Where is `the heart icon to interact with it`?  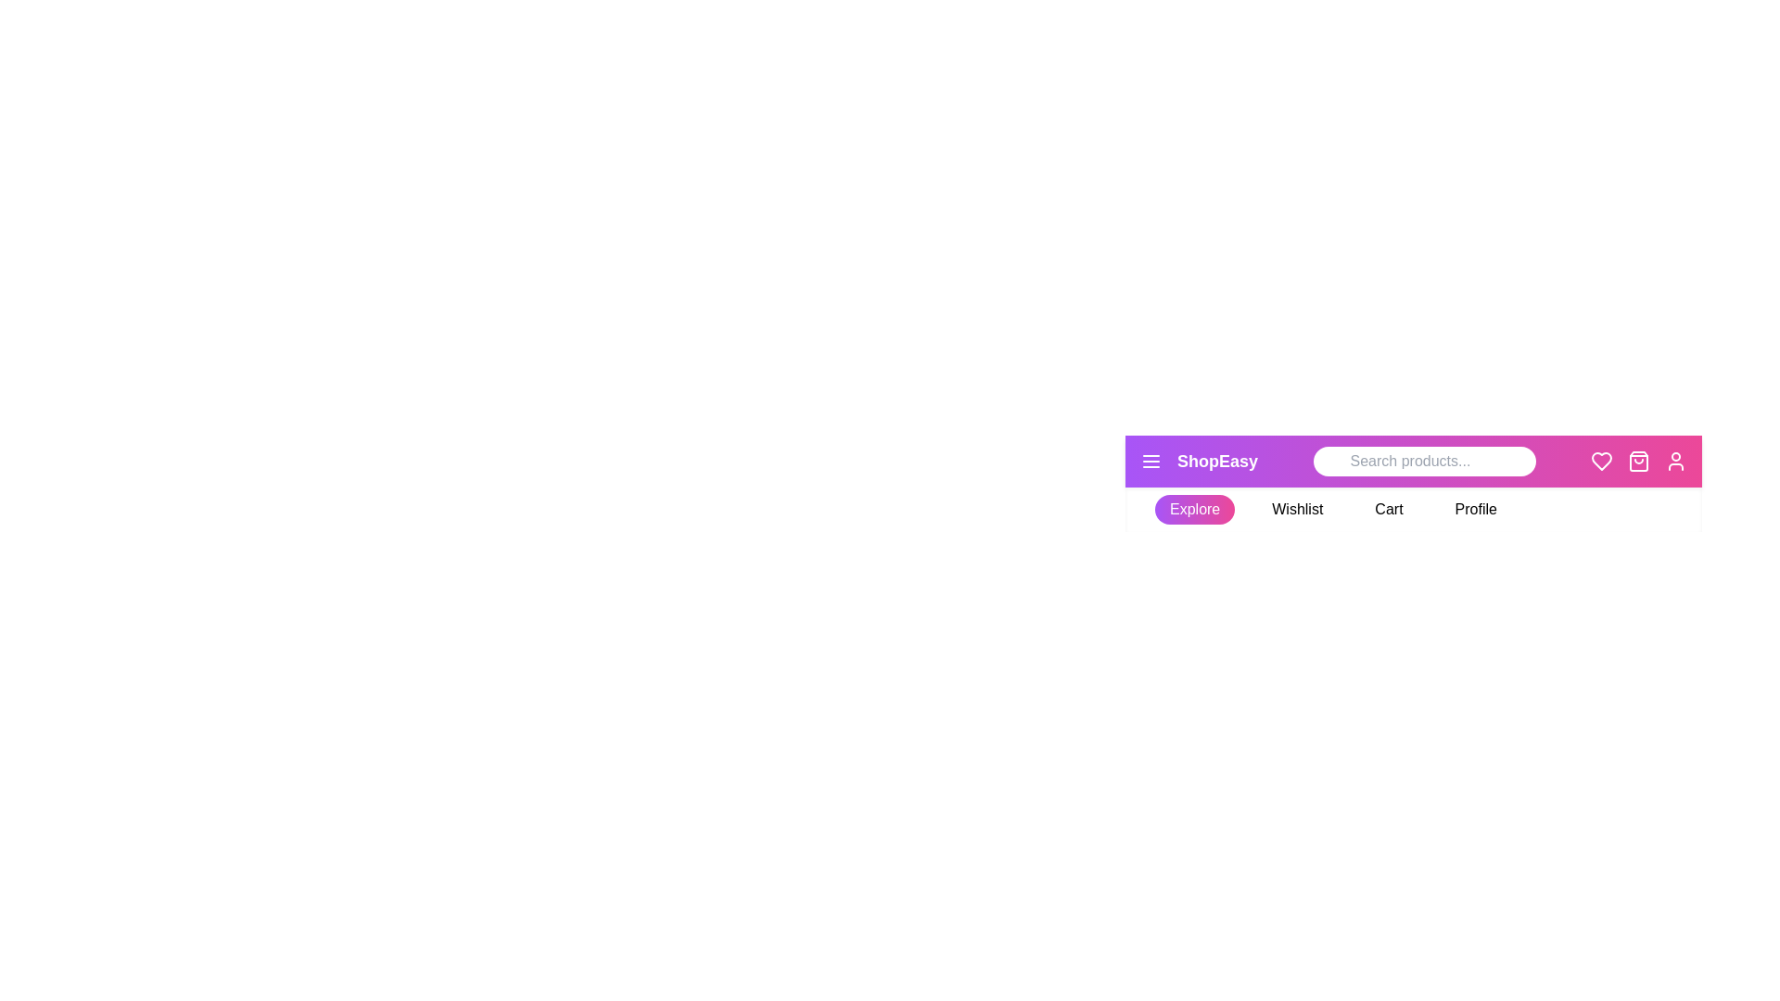
the heart icon to interact with it is located at coordinates (1601, 460).